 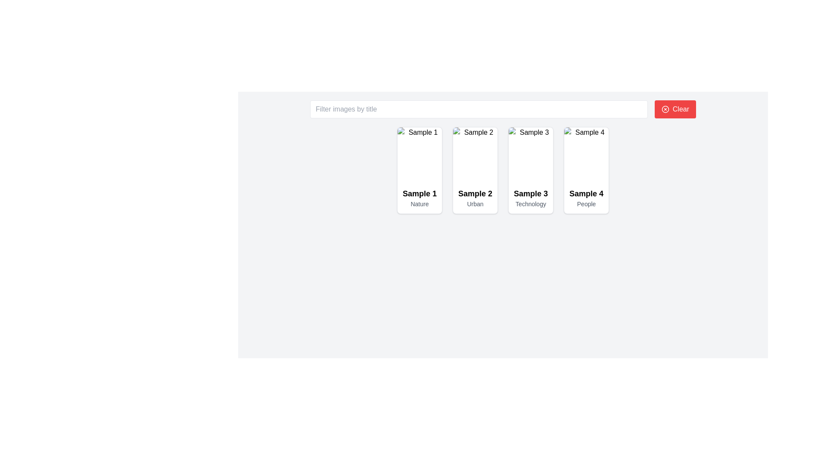 What do you see at coordinates (530, 204) in the screenshot?
I see `static text label that reads 'Technology', which is styled in small gray font and positioned below the larger bold text 'Sample 3'` at bounding box center [530, 204].